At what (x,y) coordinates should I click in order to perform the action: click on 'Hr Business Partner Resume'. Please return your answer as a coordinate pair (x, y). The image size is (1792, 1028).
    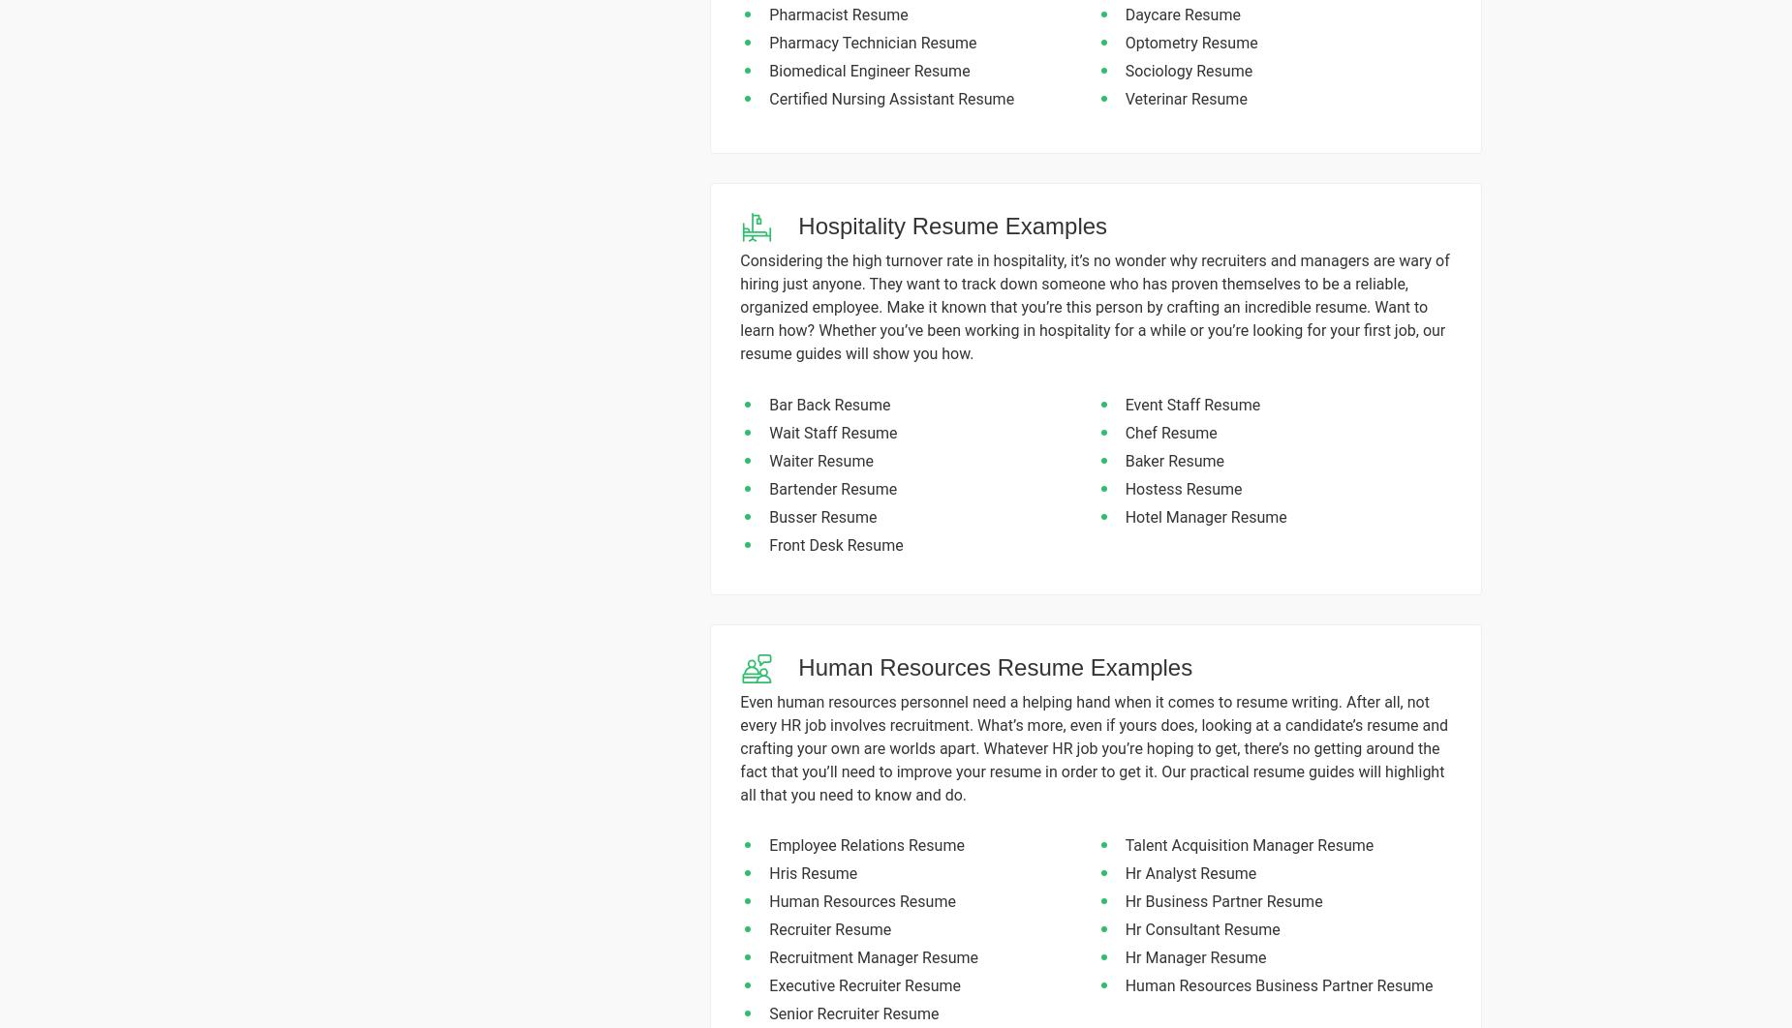
    Looking at the image, I should click on (1221, 900).